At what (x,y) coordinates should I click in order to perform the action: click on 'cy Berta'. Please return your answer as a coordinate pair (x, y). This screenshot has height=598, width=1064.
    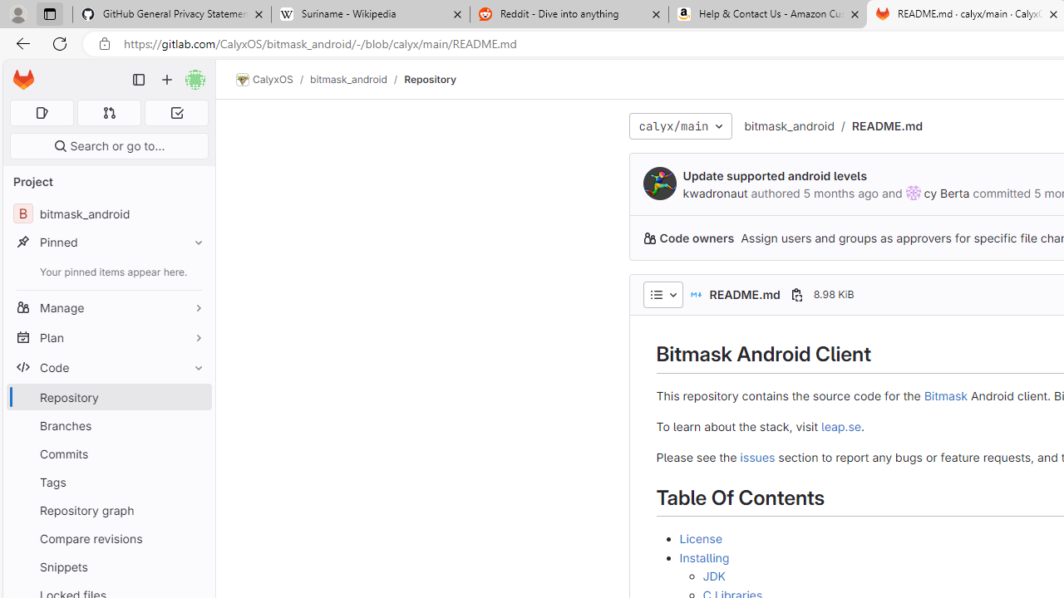
    Looking at the image, I should click on (912, 192).